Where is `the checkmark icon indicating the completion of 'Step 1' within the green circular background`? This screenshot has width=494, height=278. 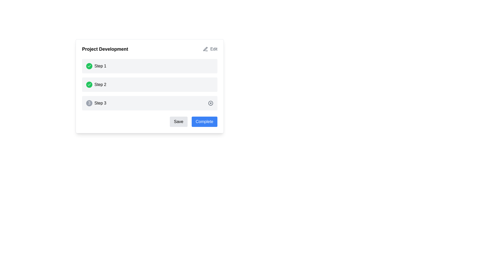 the checkmark icon indicating the completion of 'Step 1' within the green circular background is located at coordinates (89, 84).